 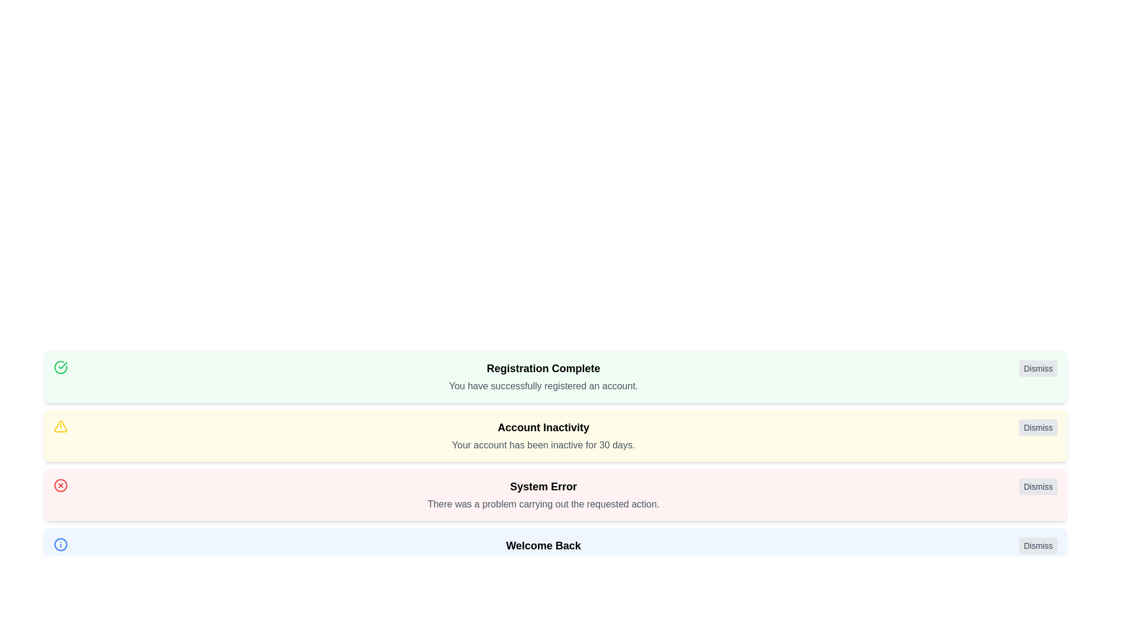 I want to click on the error icon indicating 'System Error' located on the third row of the notification list, so click(x=60, y=485).